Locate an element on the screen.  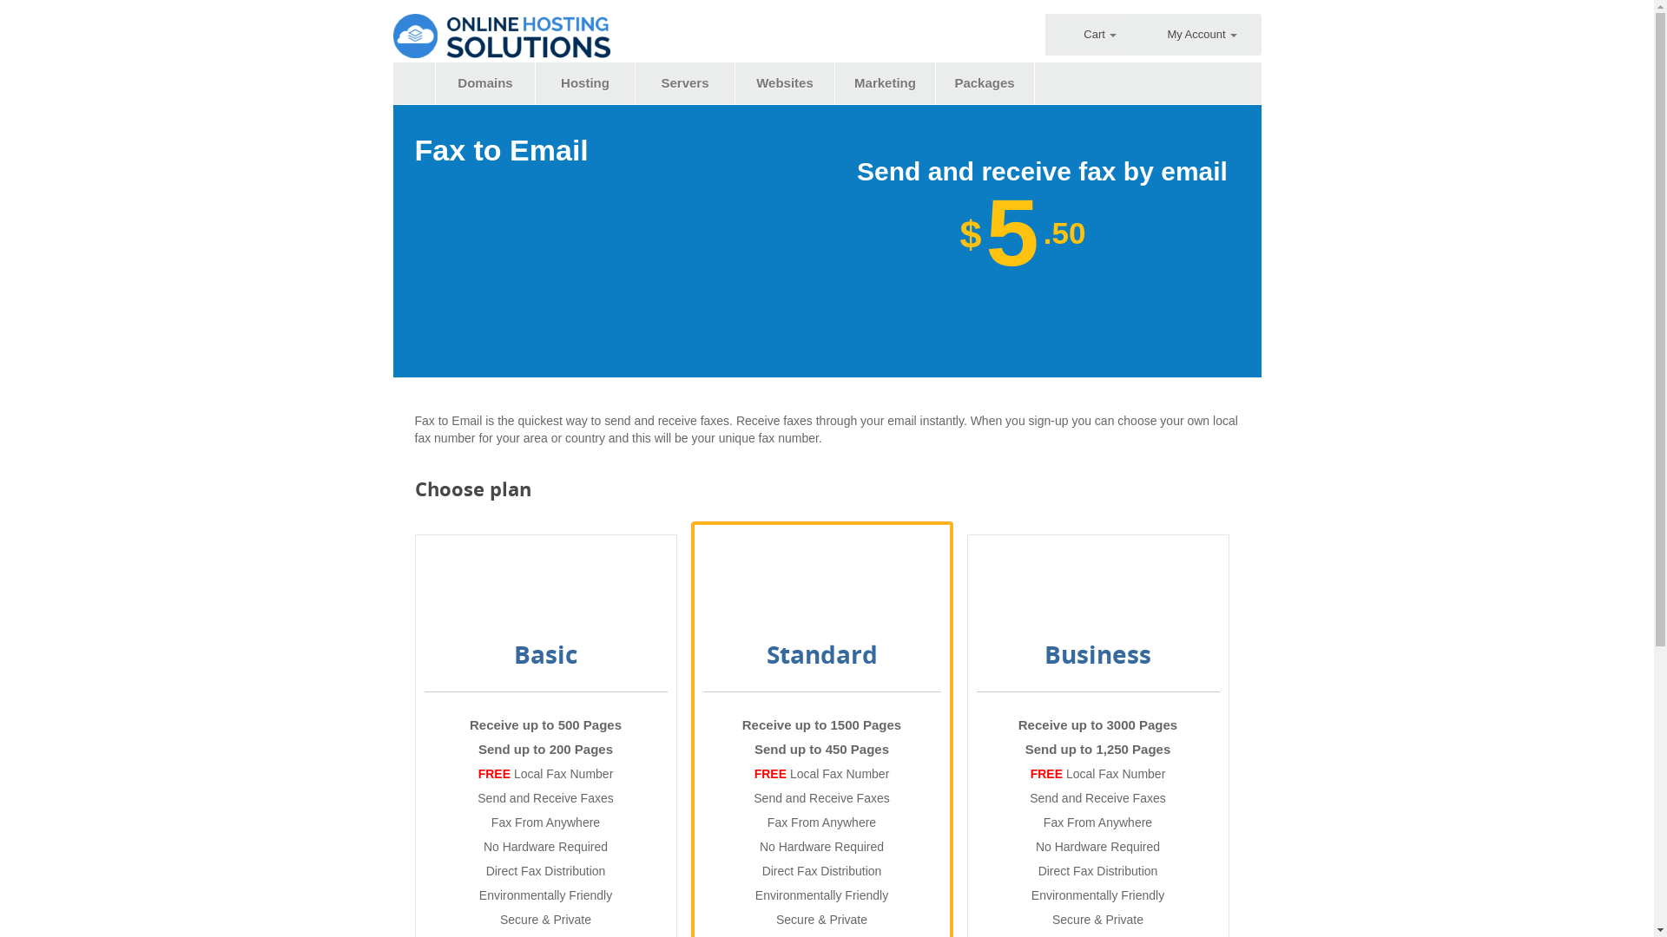
'Websites' is located at coordinates (785, 83).